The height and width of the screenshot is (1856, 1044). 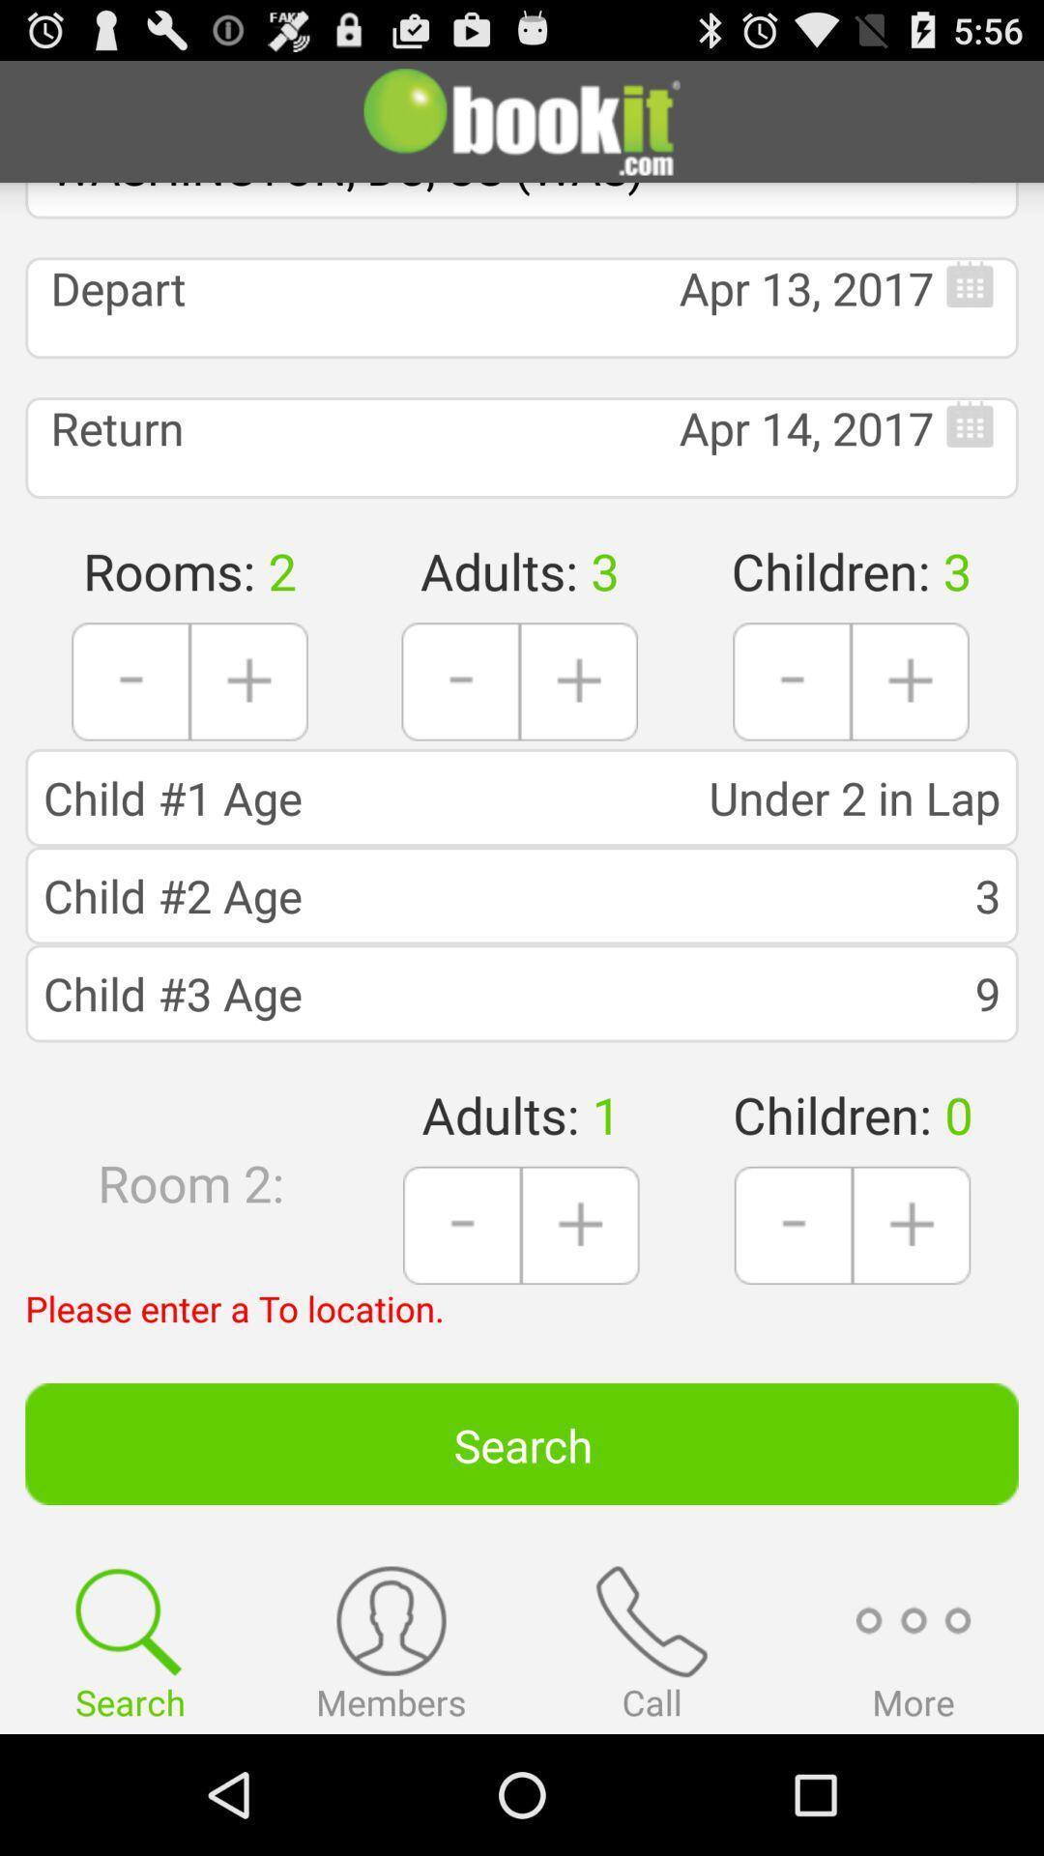 What do you see at coordinates (910, 728) in the screenshot?
I see `the add icon` at bounding box center [910, 728].